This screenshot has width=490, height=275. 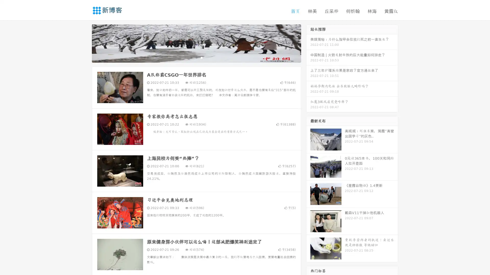 I want to click on Go to slide 2, so click(x=196, y=57).